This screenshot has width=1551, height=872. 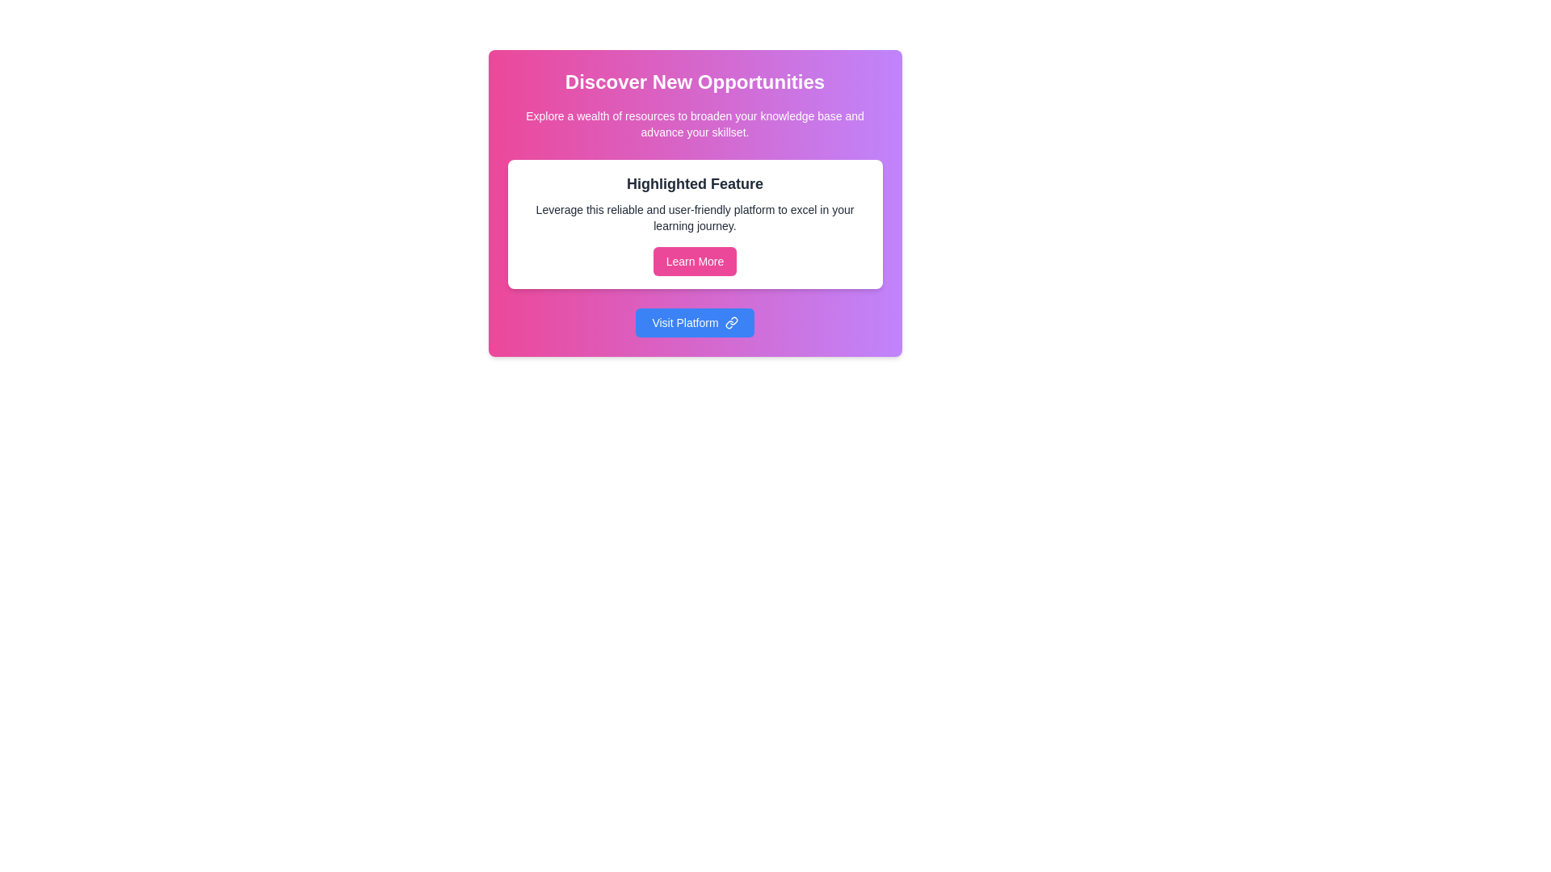 What do you see at coordinates (728, 325) in the screenshot?
I see `the second part of the linked chain icon located to the right of the text 'Visit Platform'` at bounding box center [728, 325].